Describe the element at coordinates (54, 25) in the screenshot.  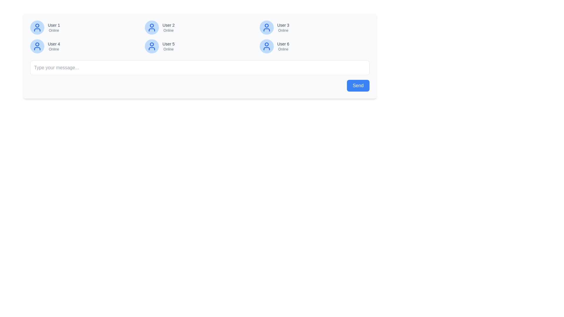
I see `the text label that identifies the user as 'User 1', which is the first label in the user profile information grid` at that location.